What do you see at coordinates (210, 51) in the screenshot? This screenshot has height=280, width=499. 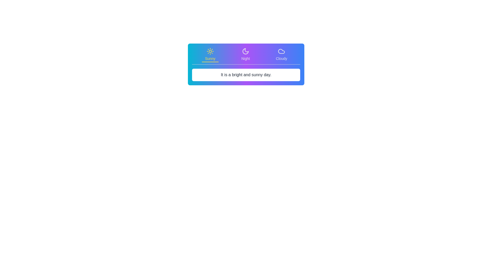 I see `the graphical circle representing the 'Sunny' weather condition, located at the center of the sun icon in the weather selector interface` at bounding box center [210, 51].